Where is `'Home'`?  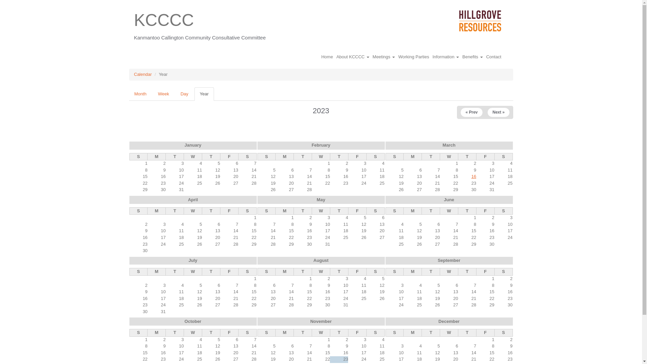 'Home' is located at coordinates (319, 57).